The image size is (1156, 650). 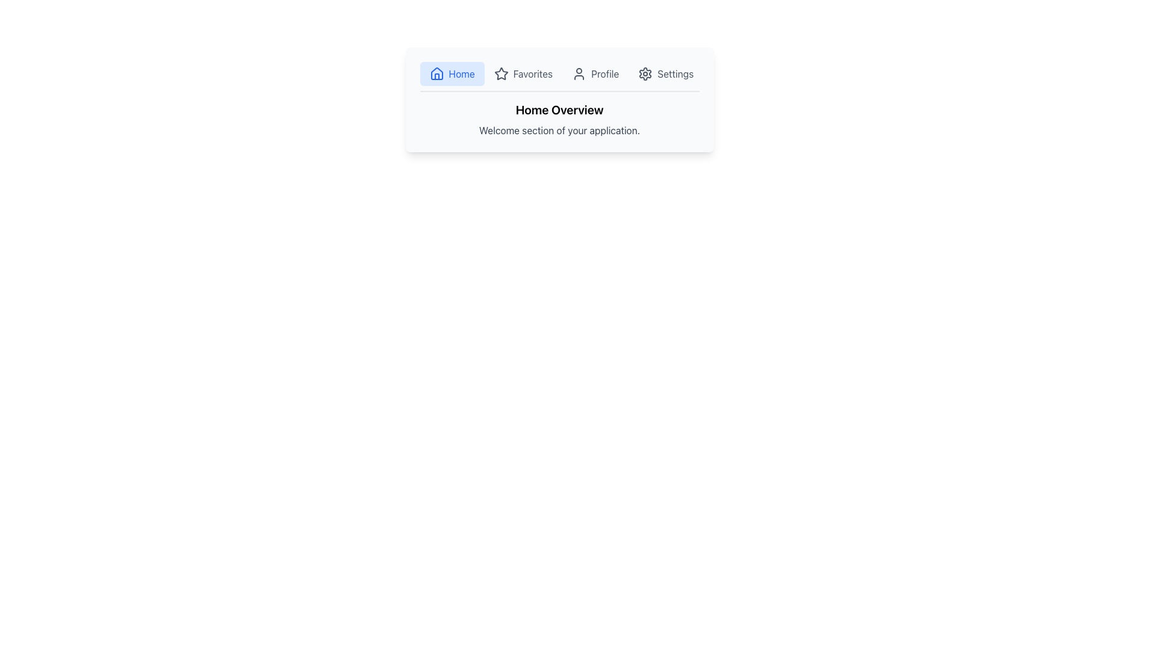 I want to click on the blue text label displaying 'Home' in the navigation menu, so click(x=461, y=74).